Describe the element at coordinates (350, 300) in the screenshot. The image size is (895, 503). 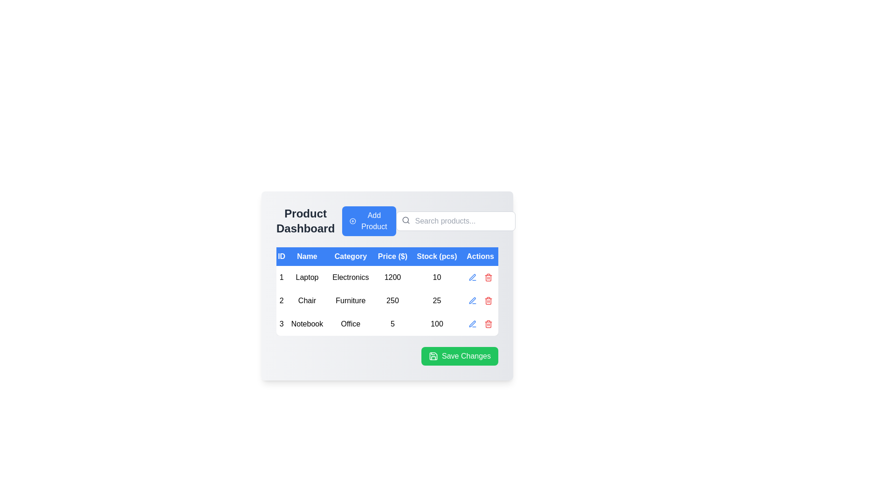
I see `the text element displaying 'Furniture' located in the second row of the table under the 'Category' column` at that location.